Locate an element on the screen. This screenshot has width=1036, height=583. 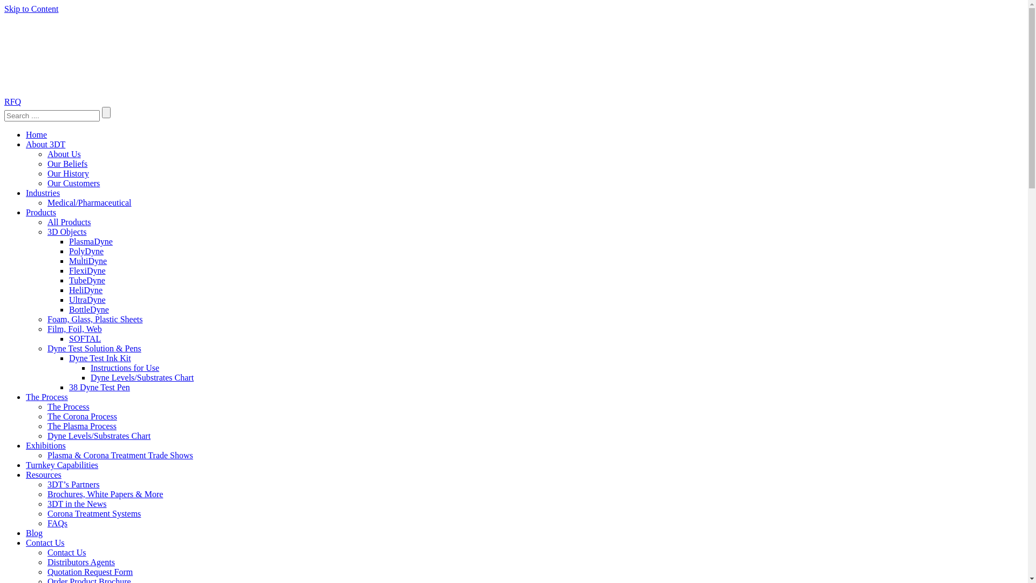
'Our Beliefs' is located at coordinates (66, 164).